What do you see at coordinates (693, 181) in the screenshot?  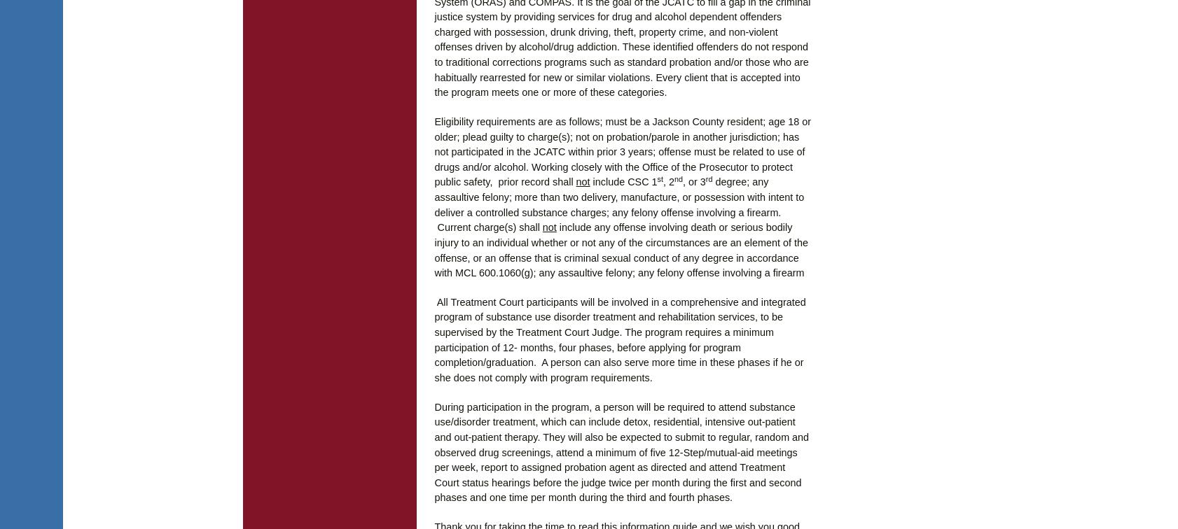 I see `', or 3'` at bounding box center [693, 181].